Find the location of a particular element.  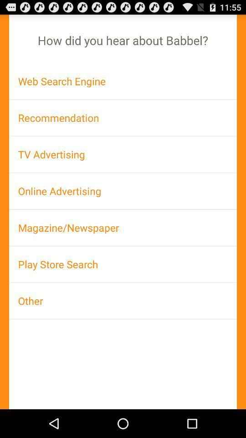

the online advertising item is located at coordinates (123, 190).